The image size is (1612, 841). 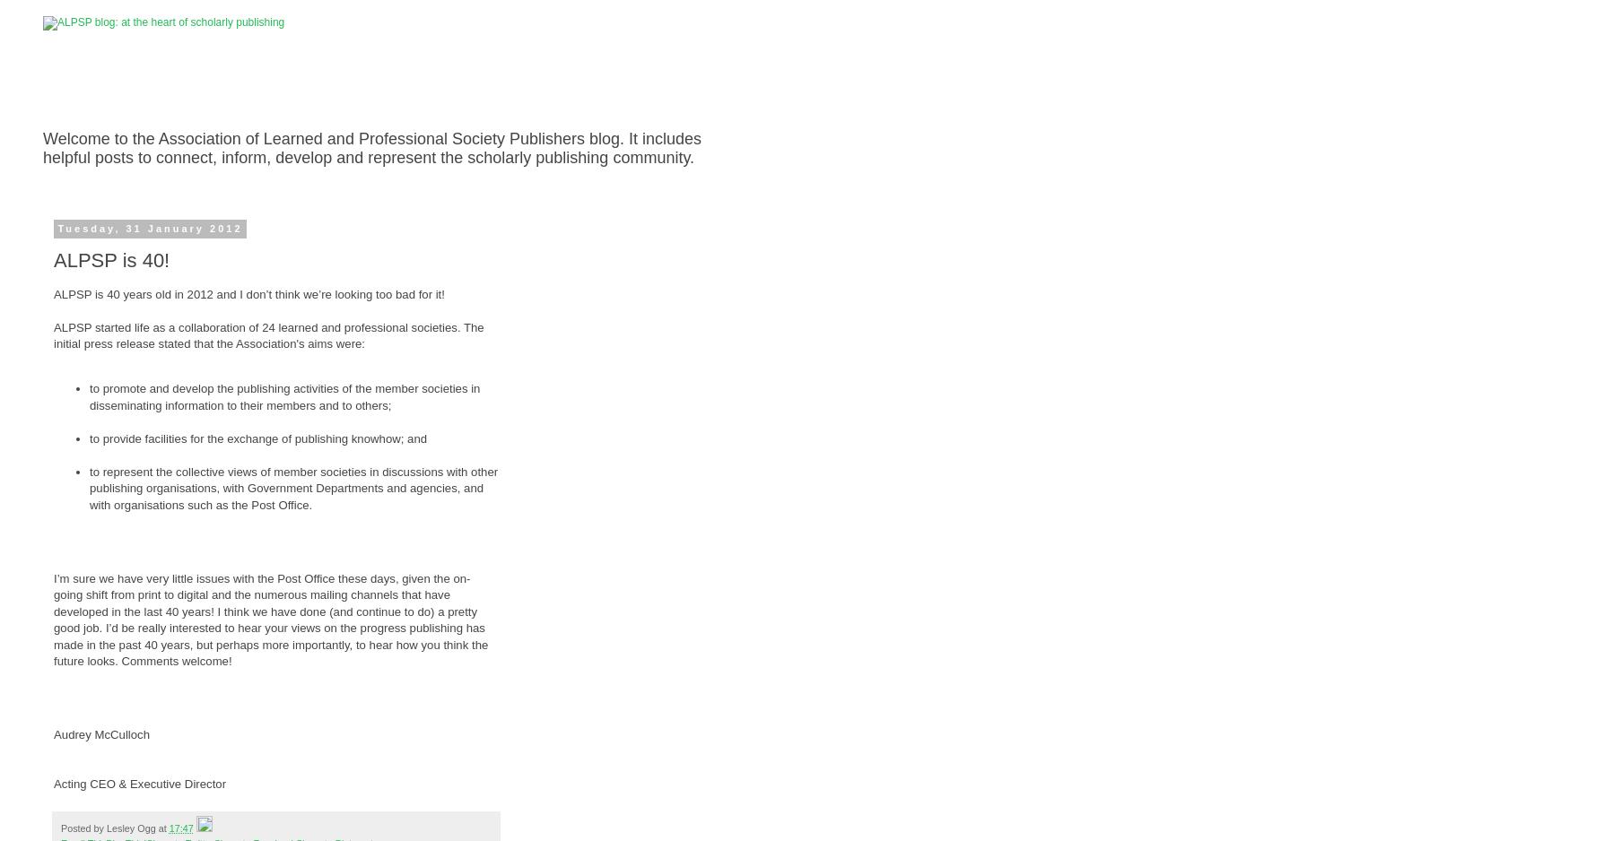 I want to click on 'Audrey McCulloch', so click(x=100, y=733).